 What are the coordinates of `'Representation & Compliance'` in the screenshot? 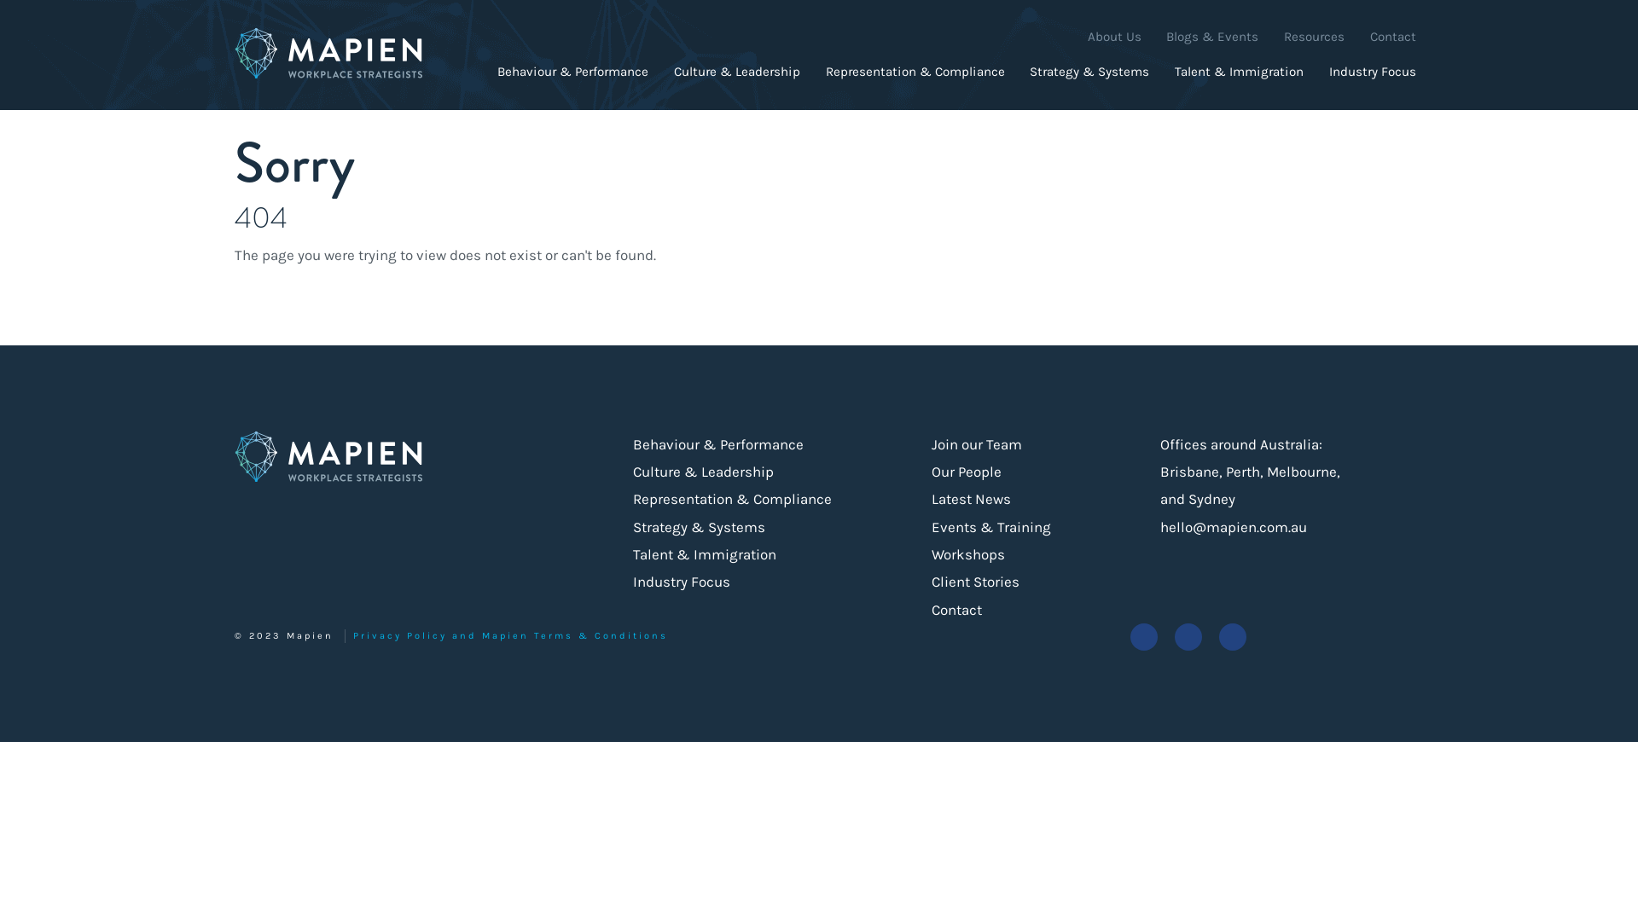 It's located at (732, 499).